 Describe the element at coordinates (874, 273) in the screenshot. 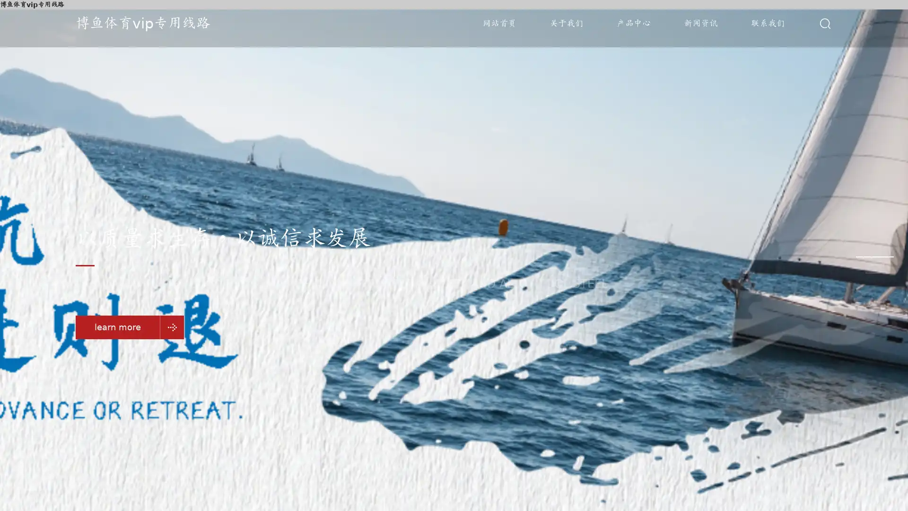

I see `Go to slide 3` at that location.